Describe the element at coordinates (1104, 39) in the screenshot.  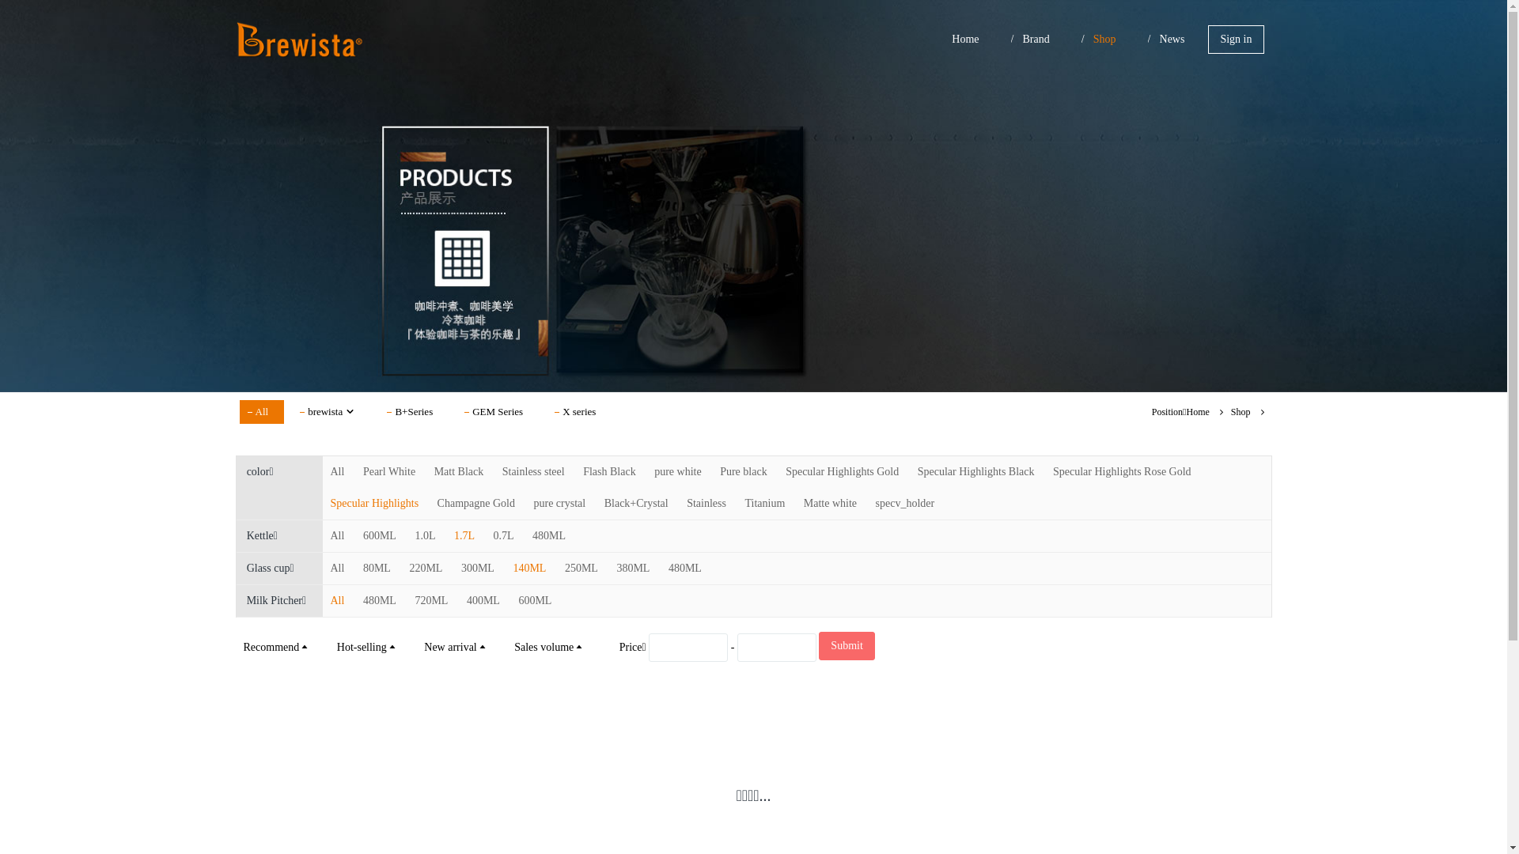
I see `'Shop'` at that location.